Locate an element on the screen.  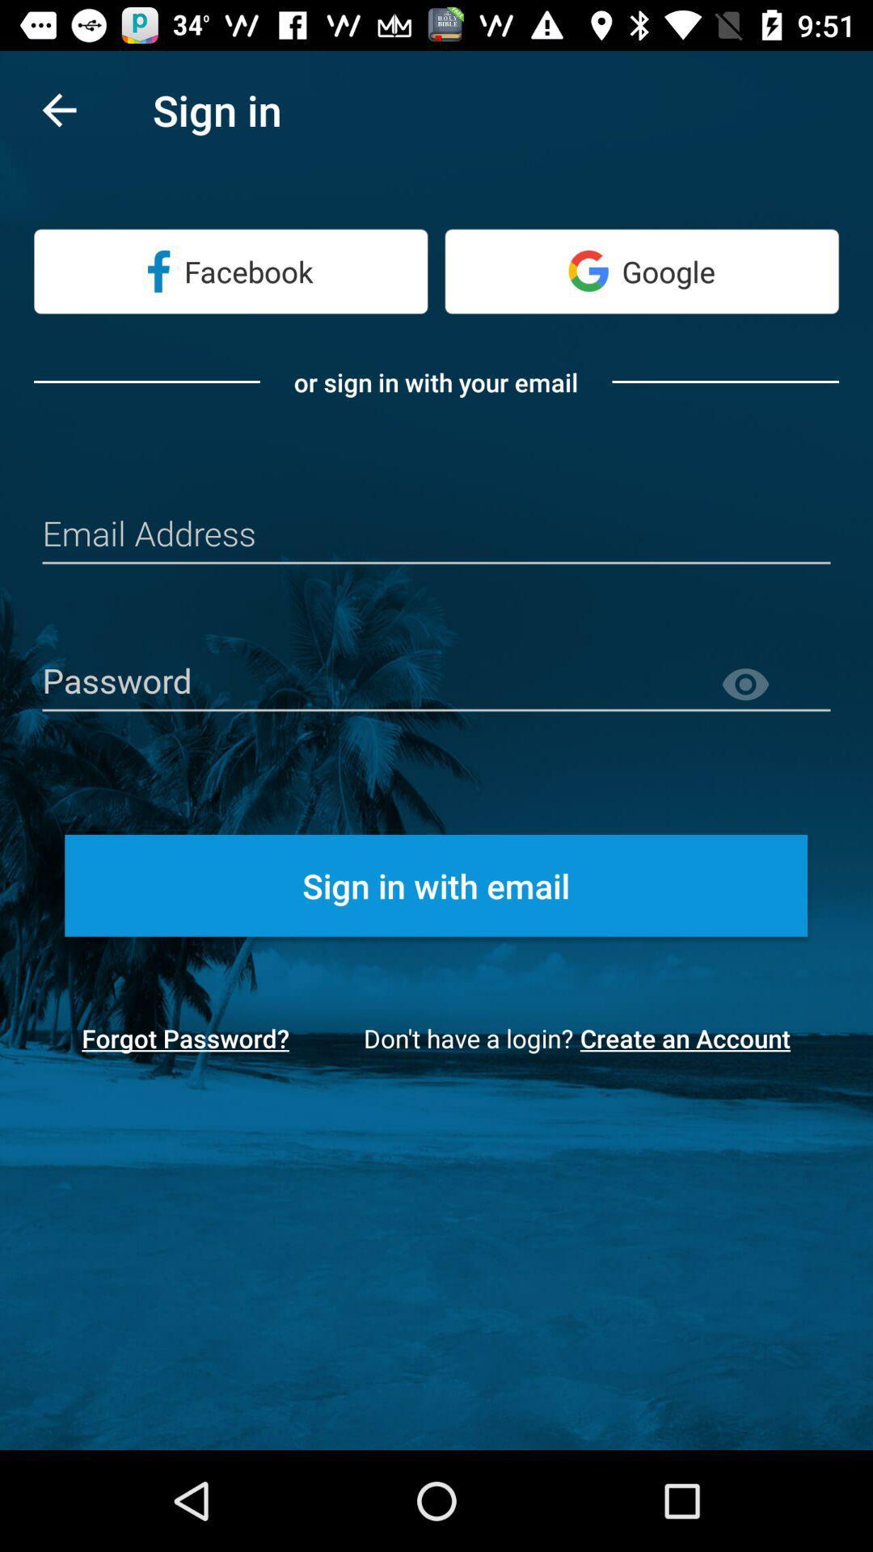
the create an account is located at coordinates (690, 1038).